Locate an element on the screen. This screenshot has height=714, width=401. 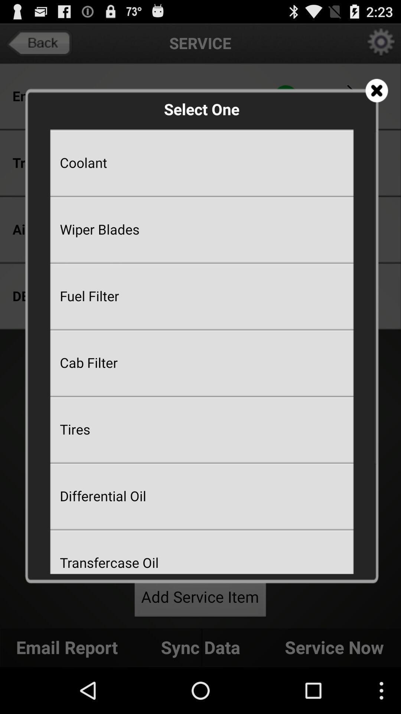
this section is located at coordinates (376, 90).